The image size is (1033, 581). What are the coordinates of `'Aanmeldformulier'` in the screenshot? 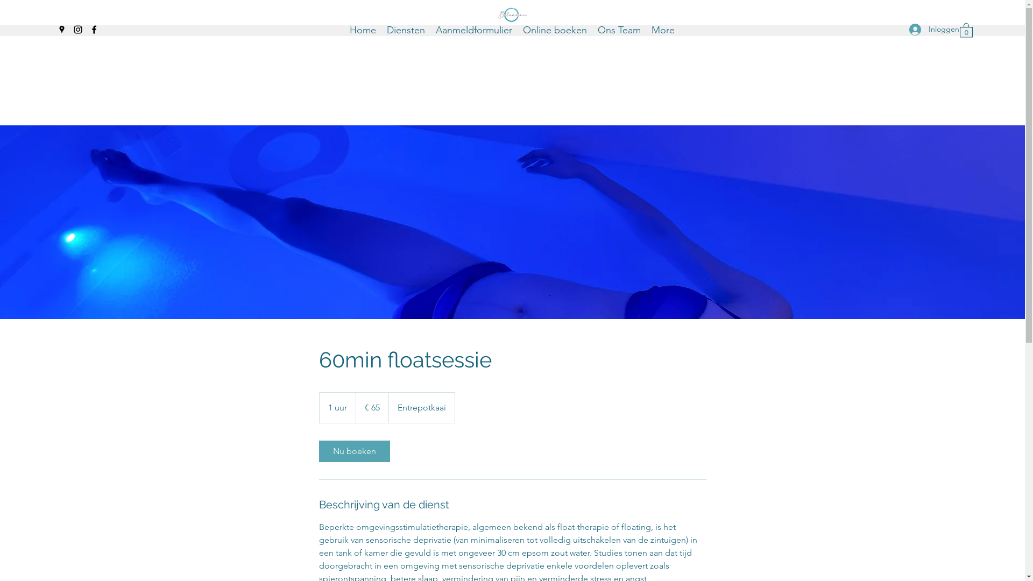 It's located at (473, 29).